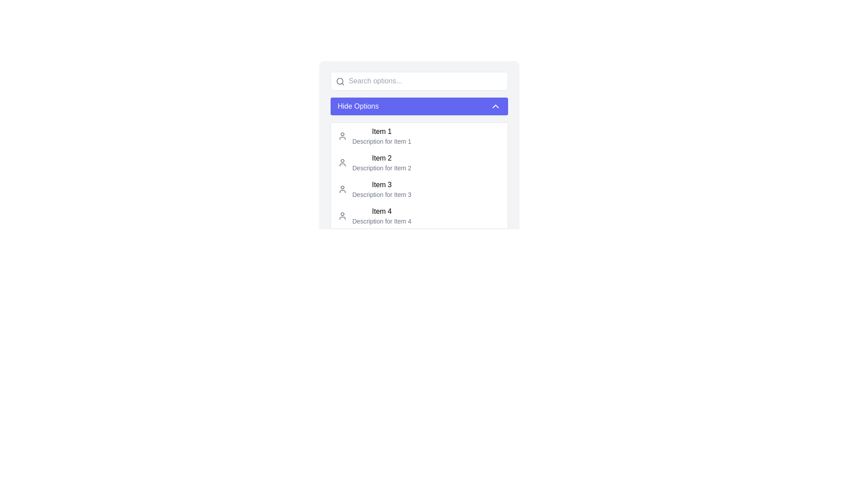  Describe the element at coordinates (382, 162) in the screenshot. I see `the second entry in the list titled 'Item 2', which displays 'Description for Item 2'` at that location.